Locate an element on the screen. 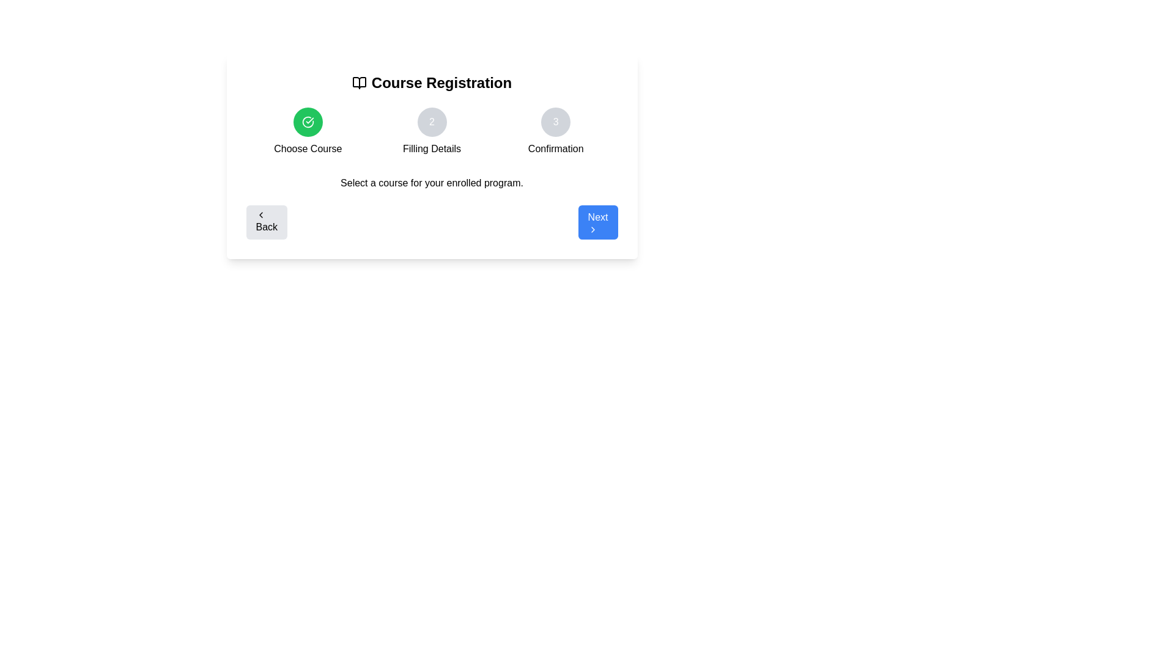 The height and width of the screenshot is (660, 1174). the 'Confirmation' step indicator, which is the third circle in a horizontal sequence of process steps is located at coordinates (555, 122).